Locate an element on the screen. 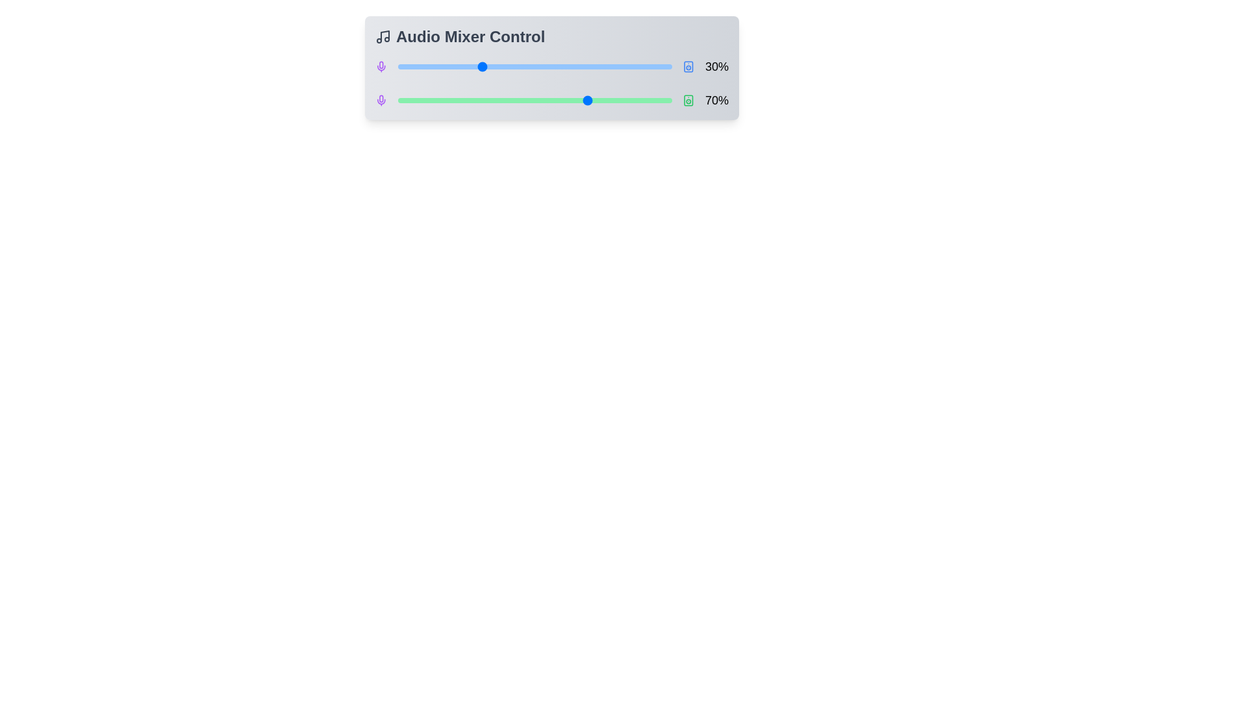  the slider is located at coordinates (485, 99).